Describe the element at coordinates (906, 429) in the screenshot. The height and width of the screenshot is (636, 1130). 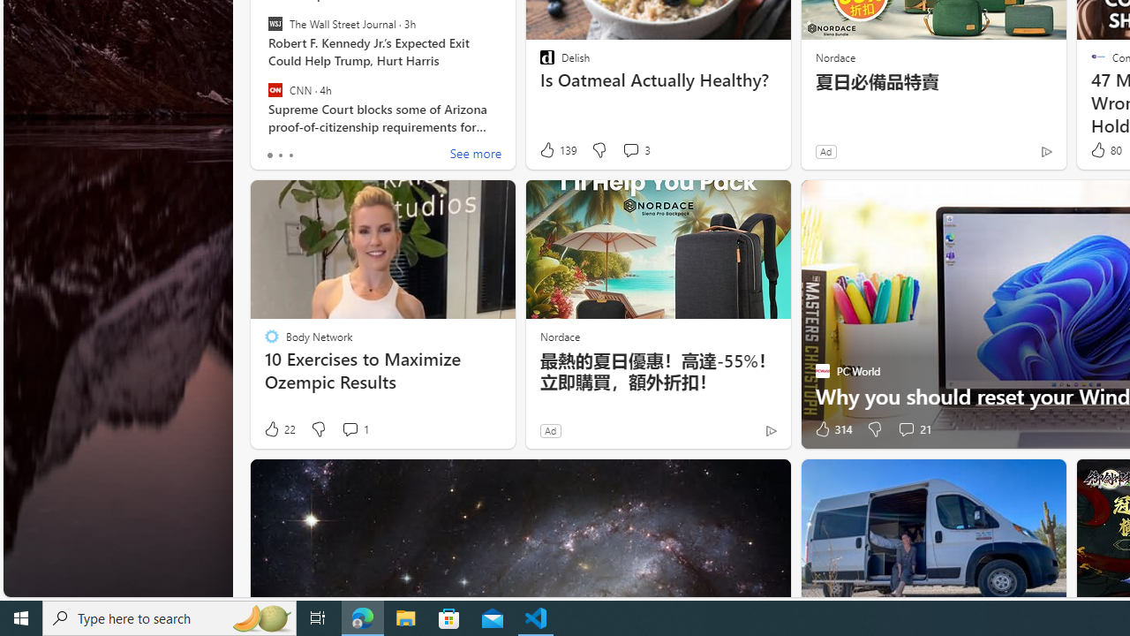
I see `'View comments 21 Comment'` at that location.